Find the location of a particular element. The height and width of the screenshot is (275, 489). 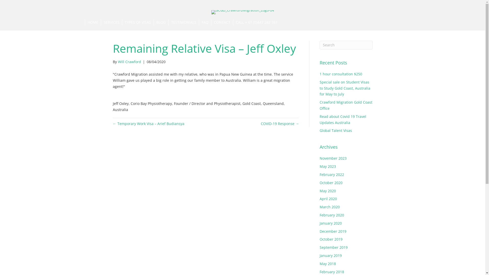

'February 2020' is located at coordinates (332, 215).